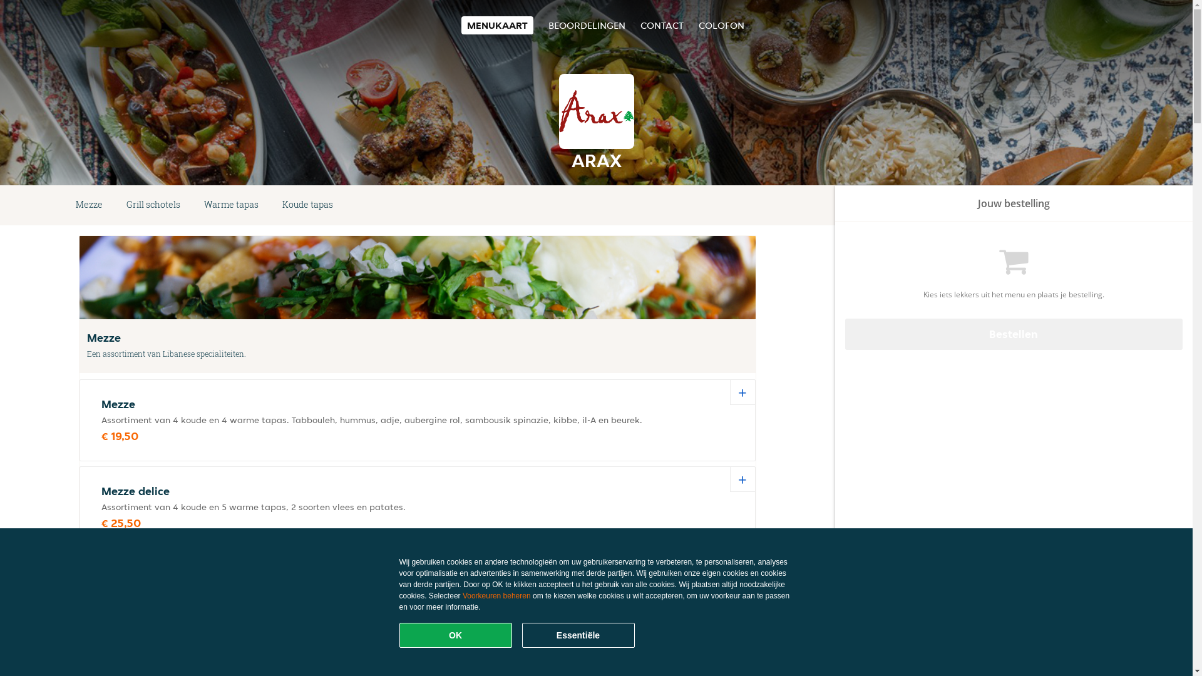  What do you see at coordinates (460, 25) in the screenshot?
I see `'MENUKAART'` at bounding box center [460, 25].